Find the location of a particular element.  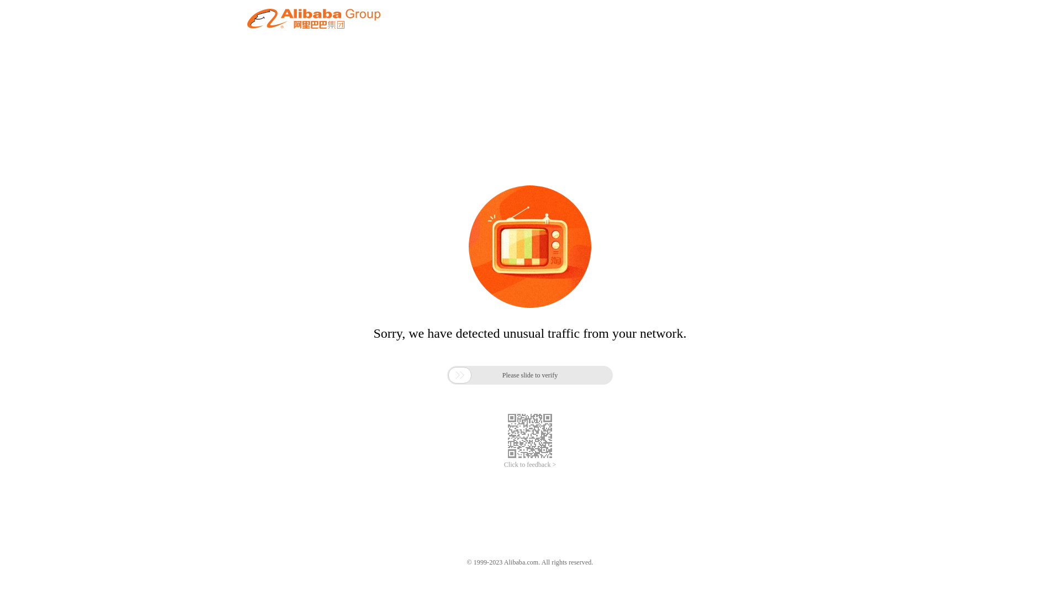

'Click to feedback >' is located at coordinates (530, 465).